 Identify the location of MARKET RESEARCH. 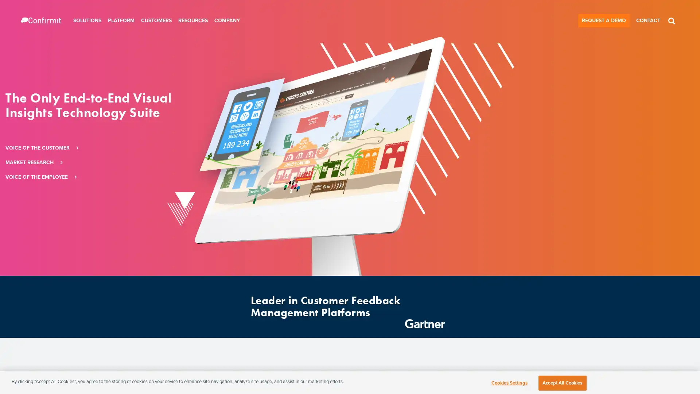
(171, 162).